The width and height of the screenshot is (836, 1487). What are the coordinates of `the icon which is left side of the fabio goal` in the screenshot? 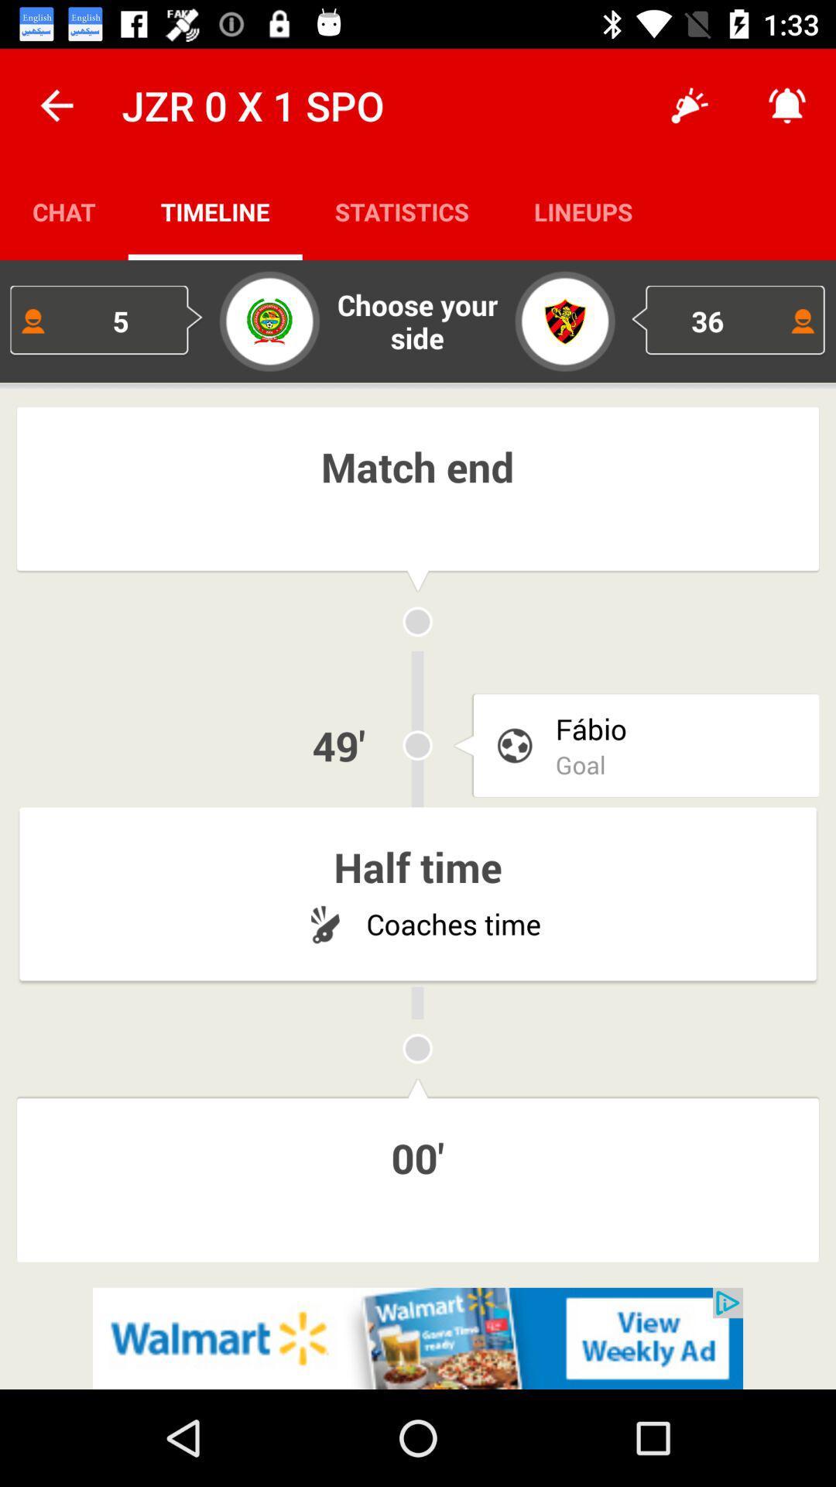 It's located at (514, 745).